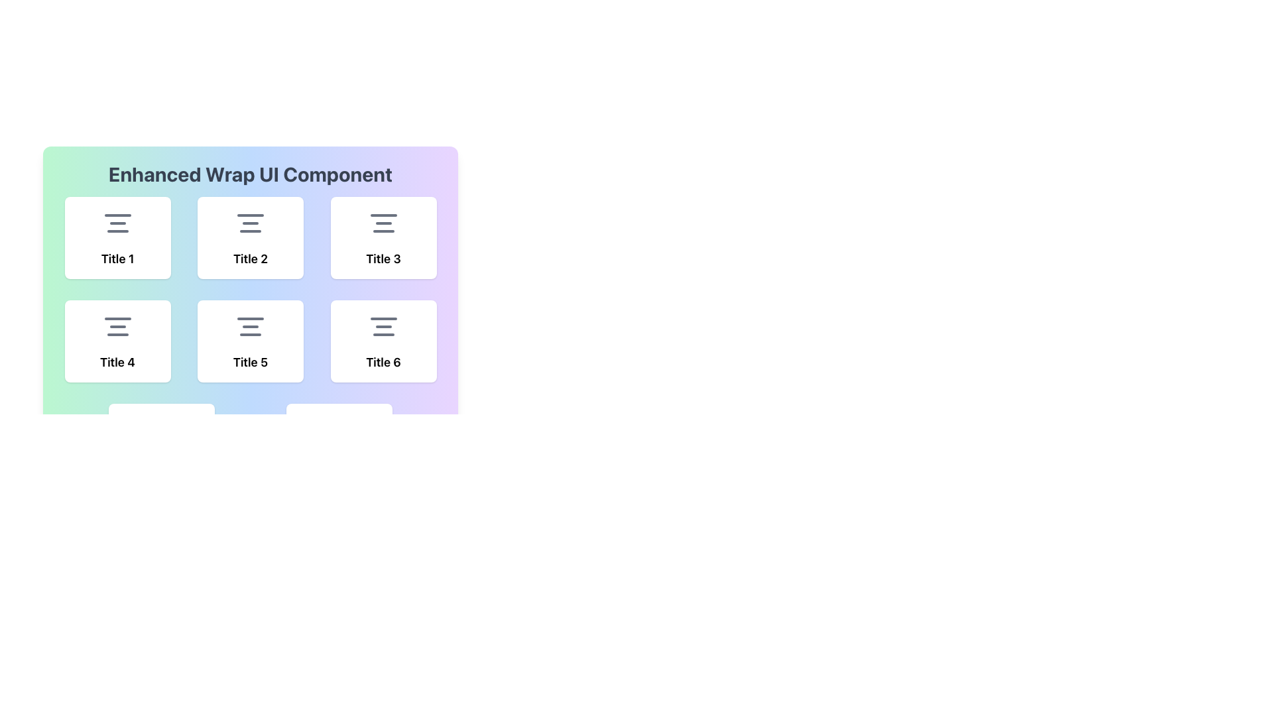 The image size is (1273, 716). I want to click on the Interactive Card in the second row and third column that relates to 'Title 6', so click(383, 341).